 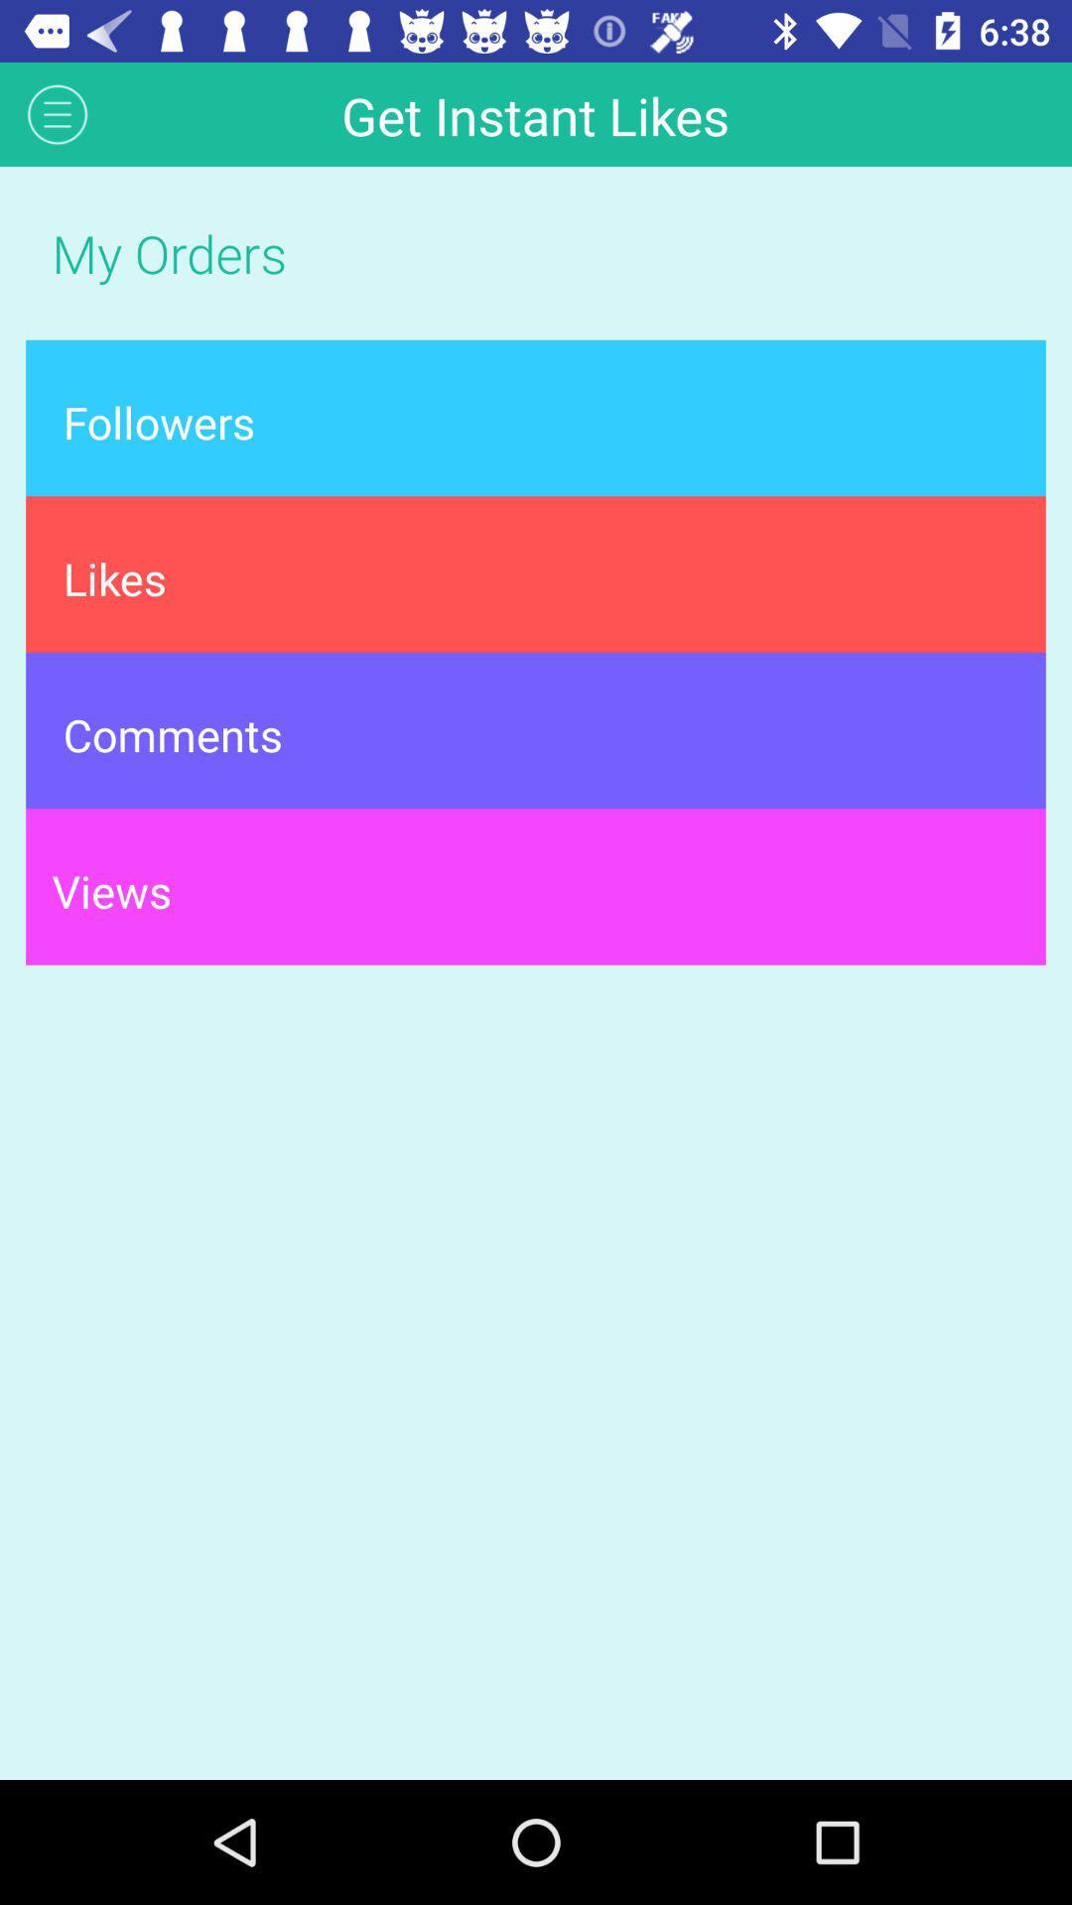 I want to click on item below the  likes icon, so click(x=536, y=729).